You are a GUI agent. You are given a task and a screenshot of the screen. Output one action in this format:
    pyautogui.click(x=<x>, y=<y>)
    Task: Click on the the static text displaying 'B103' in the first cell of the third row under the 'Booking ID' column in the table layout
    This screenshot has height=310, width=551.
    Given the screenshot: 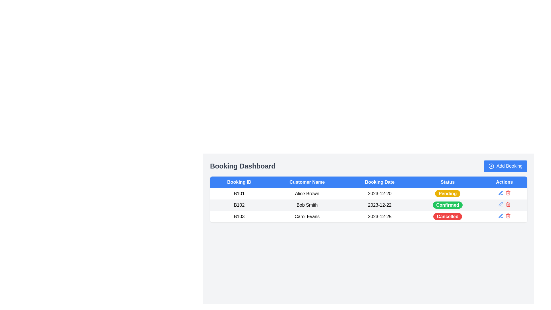 What is the action you would take?
    pyautogui.click(x=239, y=217)
    